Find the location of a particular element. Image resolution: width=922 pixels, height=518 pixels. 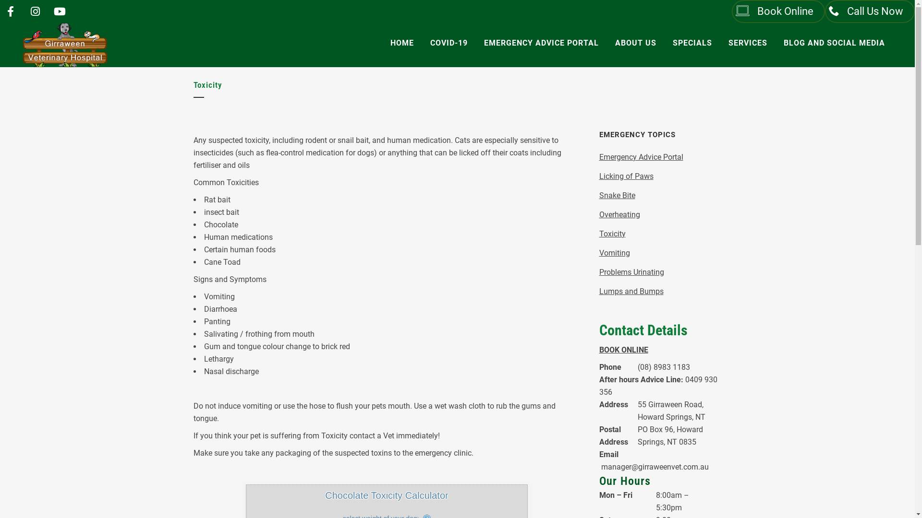

'Girraween Veterinary Hospital on Facebook' is located at coordinates (11, 12).